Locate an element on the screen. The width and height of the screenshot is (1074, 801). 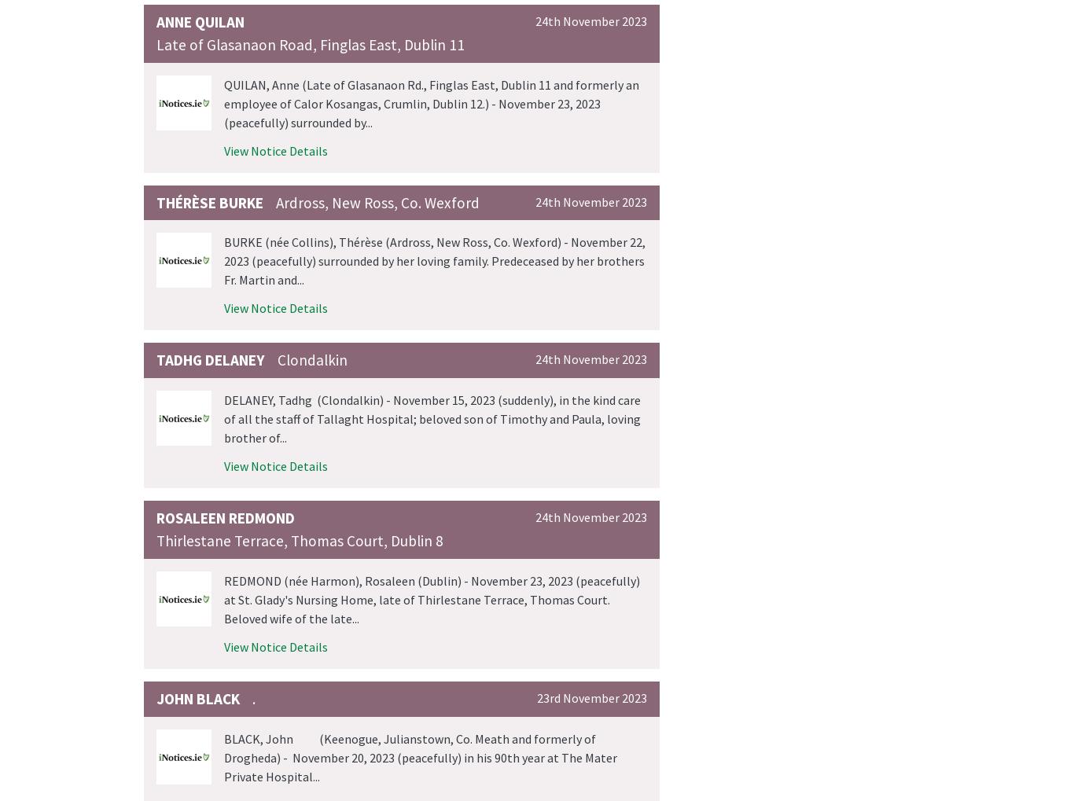
'Thérèse BURKE' is located at coordinates (210, 201).